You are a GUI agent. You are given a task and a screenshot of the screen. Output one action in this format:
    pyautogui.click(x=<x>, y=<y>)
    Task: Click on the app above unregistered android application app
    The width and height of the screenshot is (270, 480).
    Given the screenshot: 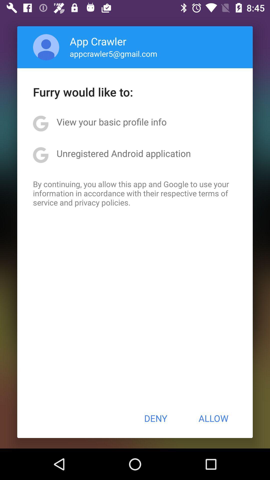 What is the action you would take?
    pyautogui.click(x=111, y=122)
    